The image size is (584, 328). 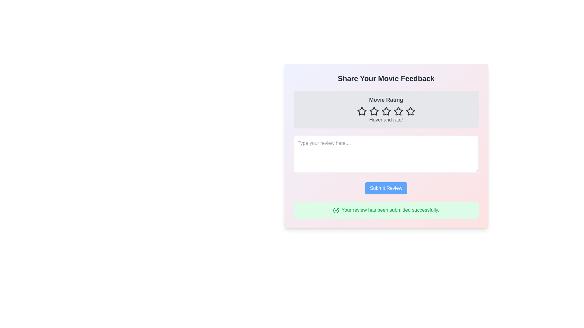 What do you see at coordinates (386, 99) in the screenshot?
I see `text label that introduces the rating feature, located centrally in the top gray box of the feedback section` at bounding box center [386, 99].